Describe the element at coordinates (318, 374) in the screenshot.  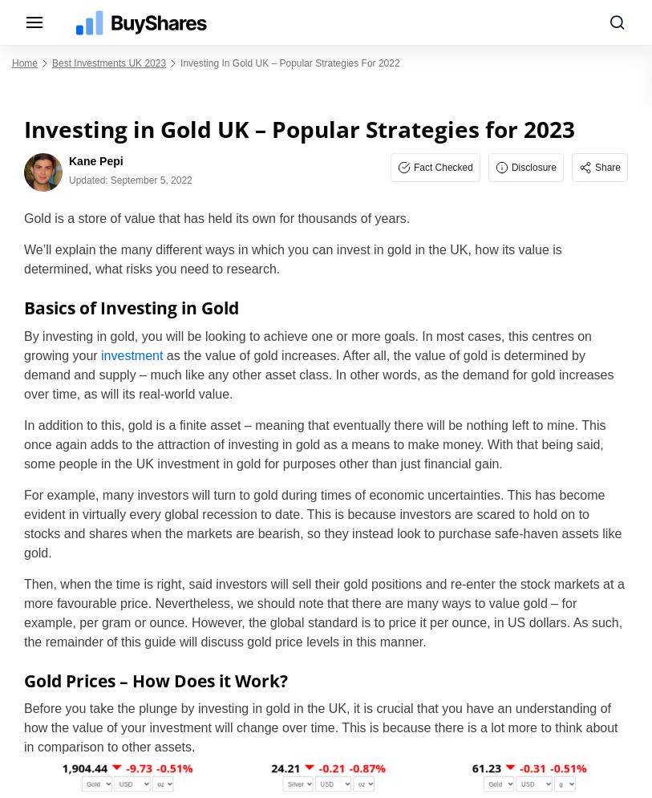
I see `'as the value of gold increases. After all, the value of gold is determined by demand and supply – much like any other asset class. In other words, as the demand for gold increases over time, as will its real-world value.'` at that location.